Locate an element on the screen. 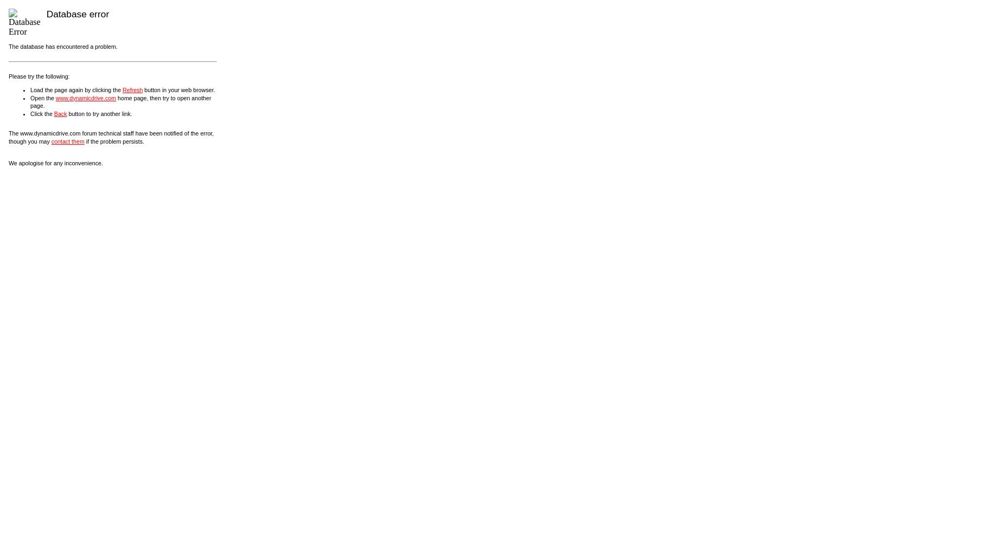 This screenshot has width=982, height=542. 'www.dynamicdrive.com' is located at coordinates (85, 98).